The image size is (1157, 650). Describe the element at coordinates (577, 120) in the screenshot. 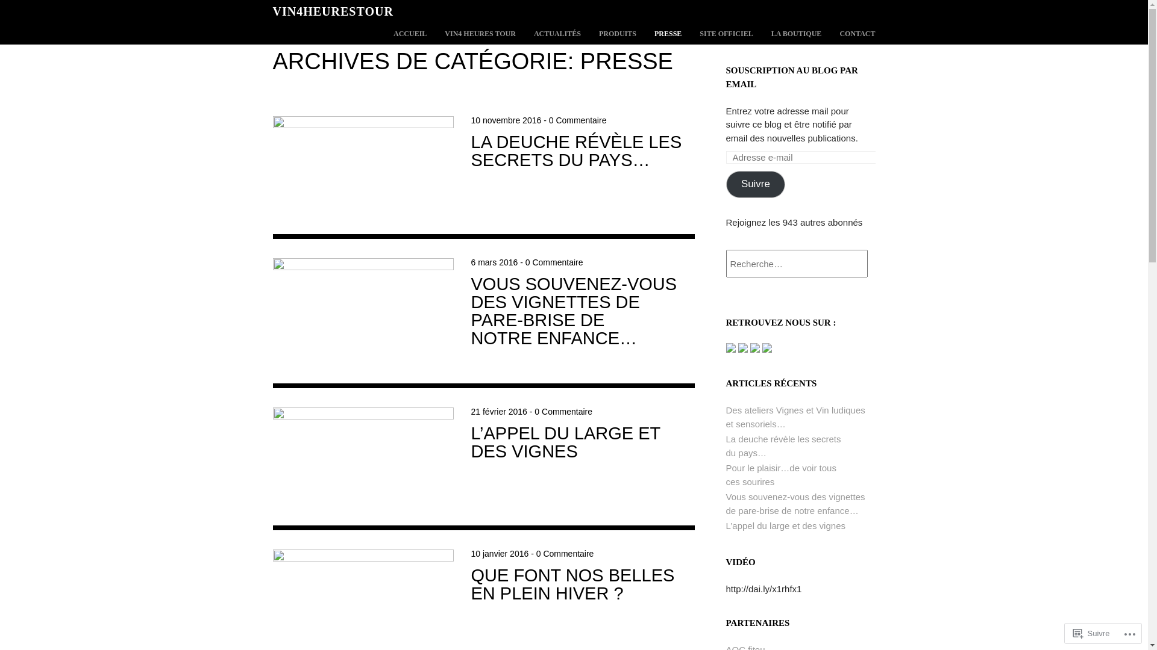

I see `'0 Commentaire'` at that location.